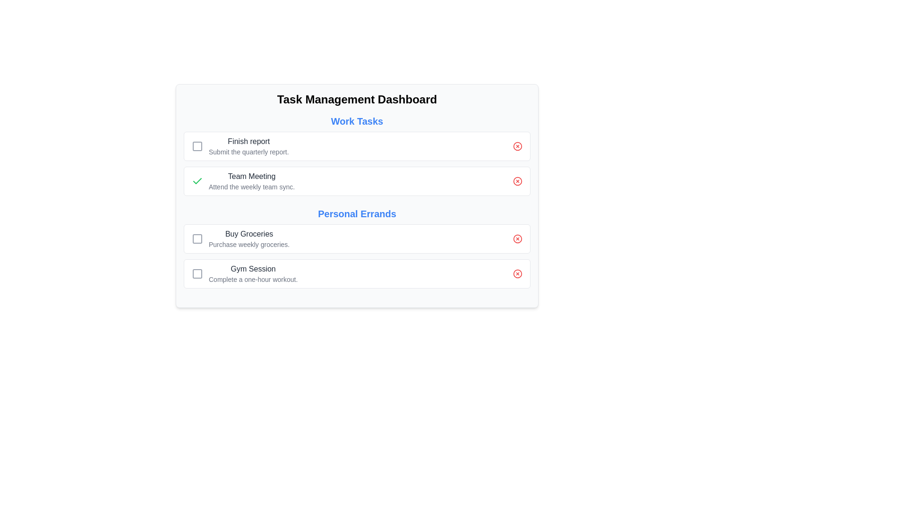 This screenshot has width=907, height=510. What do you see at coordinates (249, 244) in the screenshot?
I see `the static text element that reads 'Purchase weekly groceries.', which is located below the header 'Buy Groceries' in the 'Personal Errands' section` at bounding box center [249, 244].